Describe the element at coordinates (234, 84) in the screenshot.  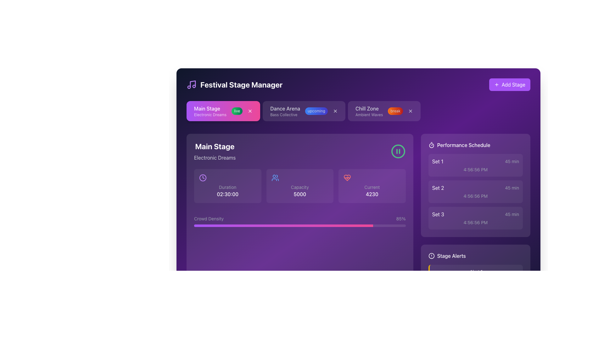
I see `the 'Festival Stage Manager' header, which is a prominent bold white text on a dark background, located in the top-left corner of the interface, immediately to the right of a purple music icon` at that location.